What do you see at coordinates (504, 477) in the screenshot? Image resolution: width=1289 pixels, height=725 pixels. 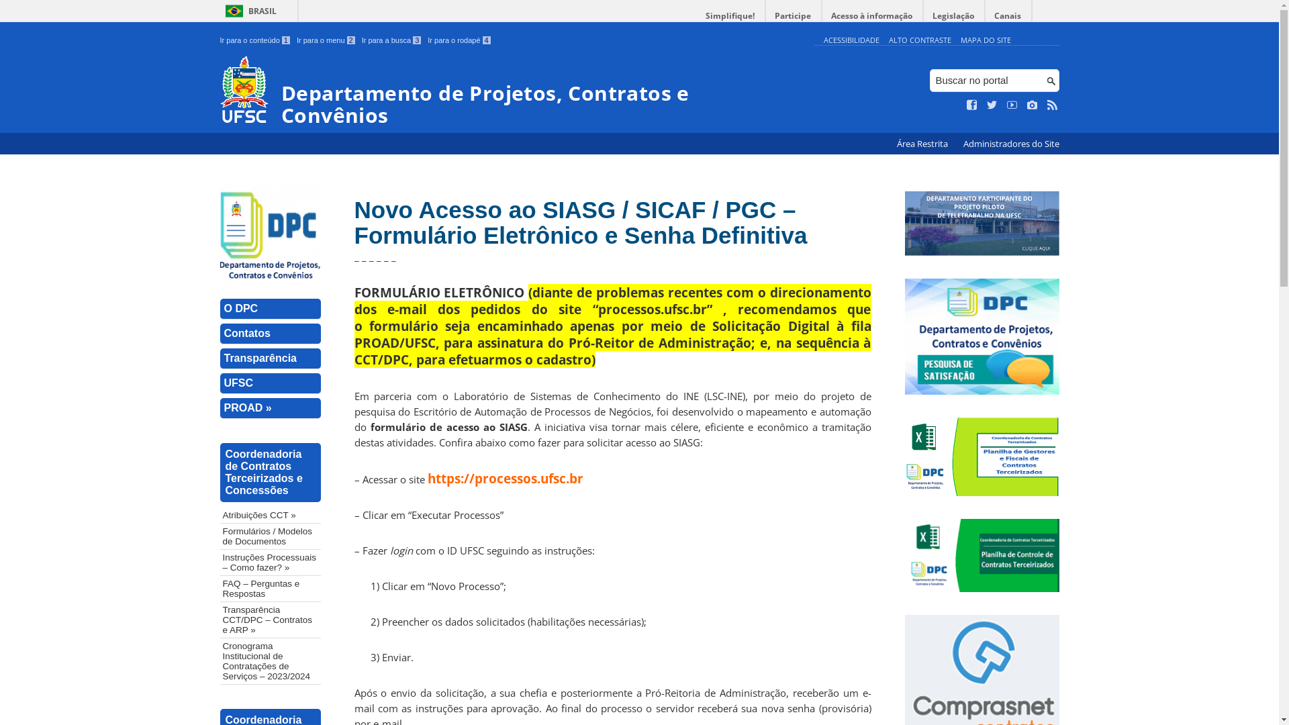 I see `'https://processos.ufsc.br'` at bounding box center [504, 477].